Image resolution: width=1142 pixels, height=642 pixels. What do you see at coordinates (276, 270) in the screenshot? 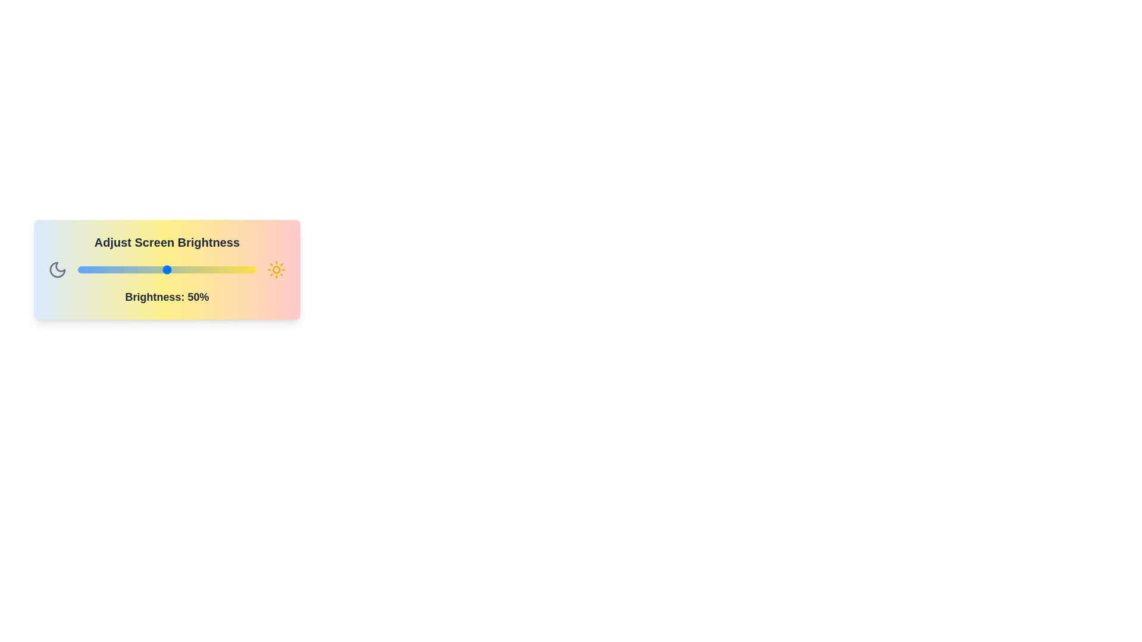
I see `the sun icon to perform the intended interaction` at bounding box center [276, 270].